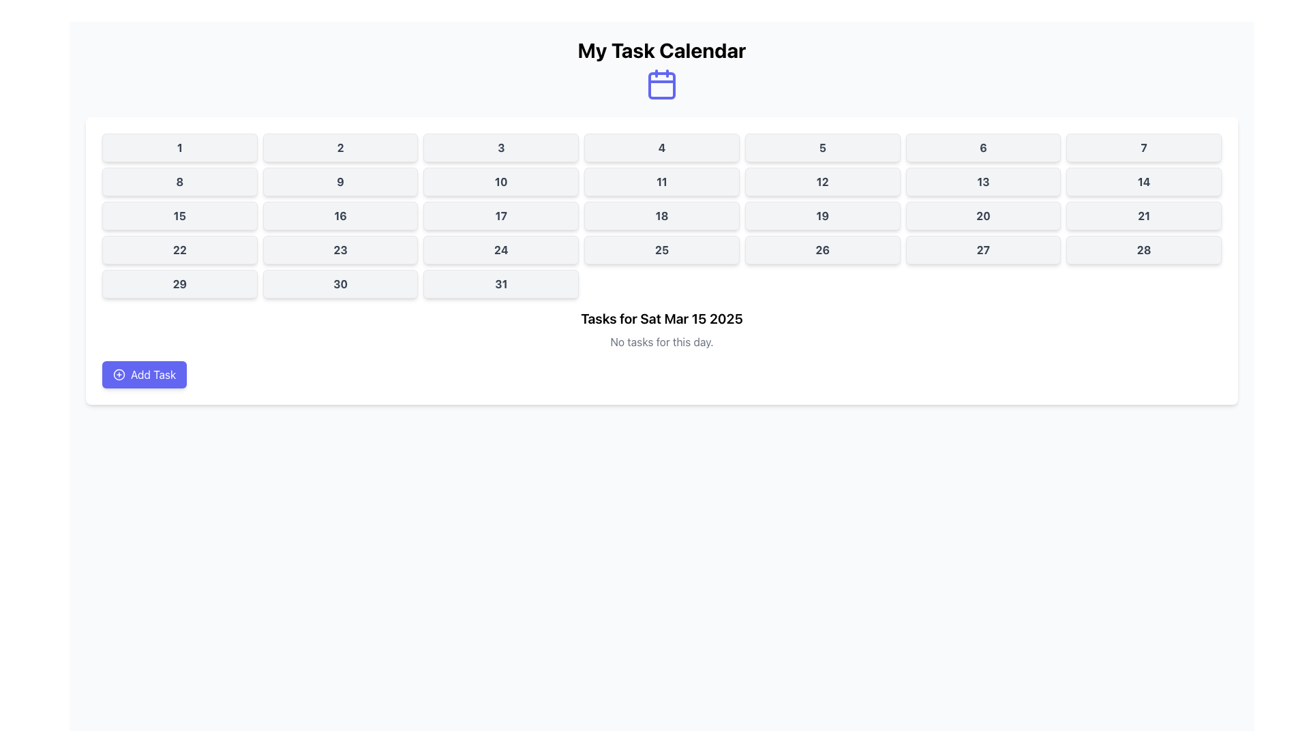  I want to click on the button representing a selectable day in the second row and second column of the calendar grid, so click(340, 181).